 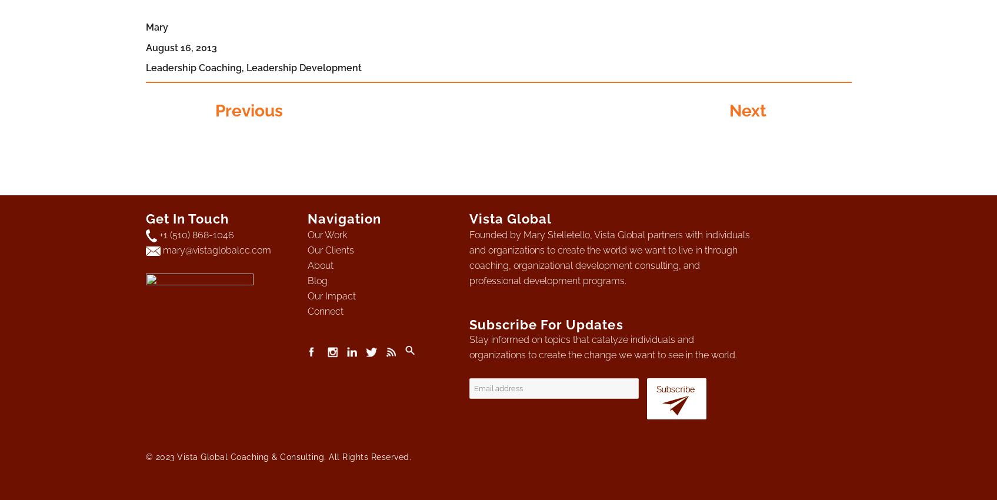 What do you see at coordinates (602, 346) in the screenshot?
I see `'Stay informed on topics that catalyze individuals and organizations to create the change we want to see in the world.'` at bounding box center [602, 346].